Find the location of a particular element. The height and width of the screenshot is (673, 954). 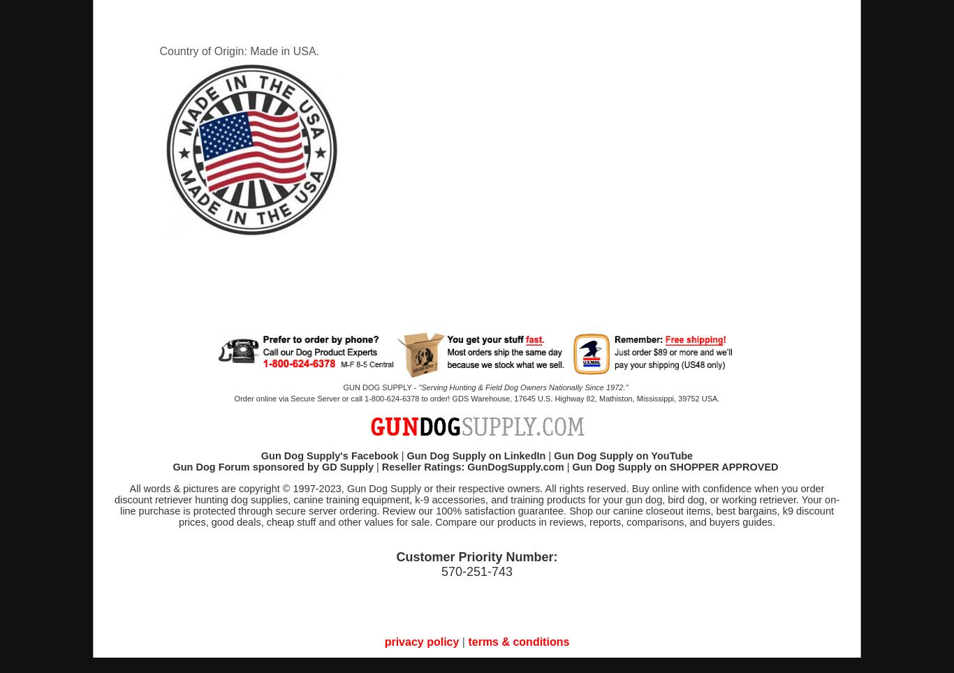

'GUN DOG SUPPLY -' is located at coordinates (381, 387).